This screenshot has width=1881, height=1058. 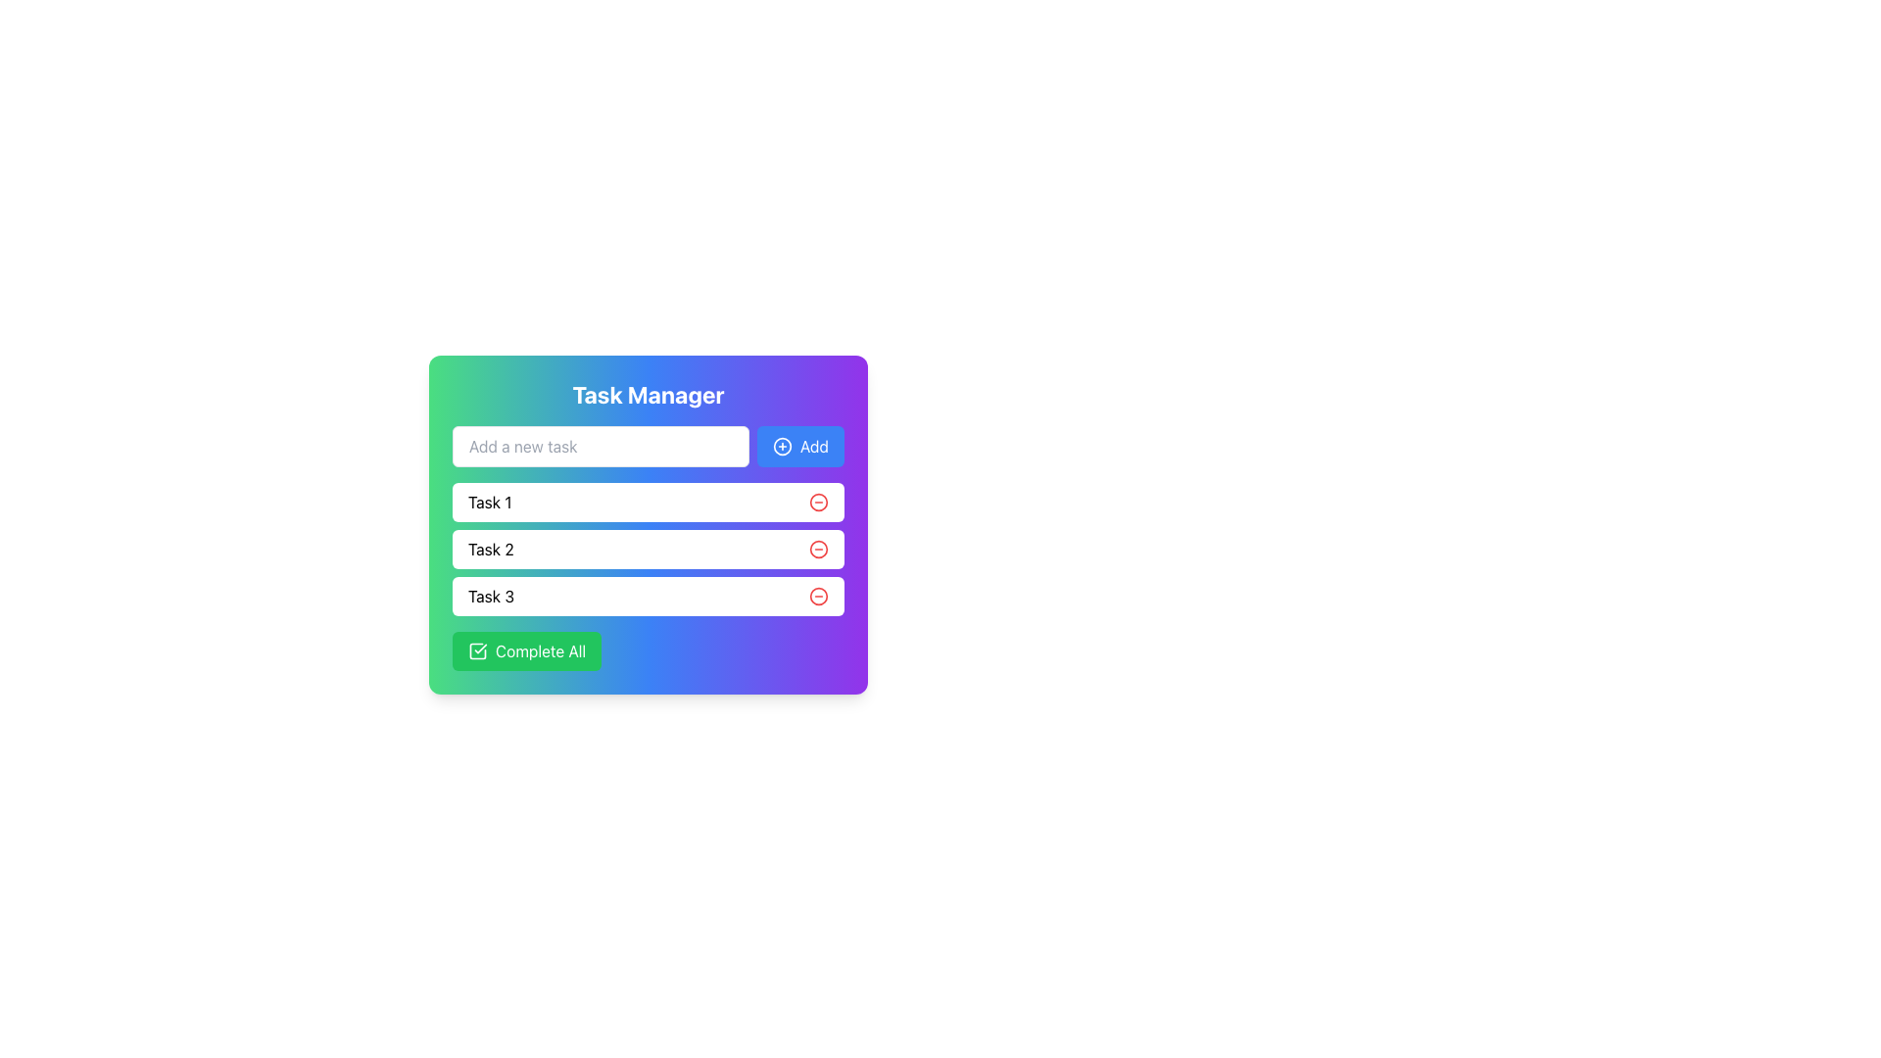 What do you see at coordinates (490, 502) in the screenshot?
I see `the text label representing the individual task in the first row of the task list, positioned above 'Task 2' and below the input field for adding a new task` at bounding box center [490, 502].